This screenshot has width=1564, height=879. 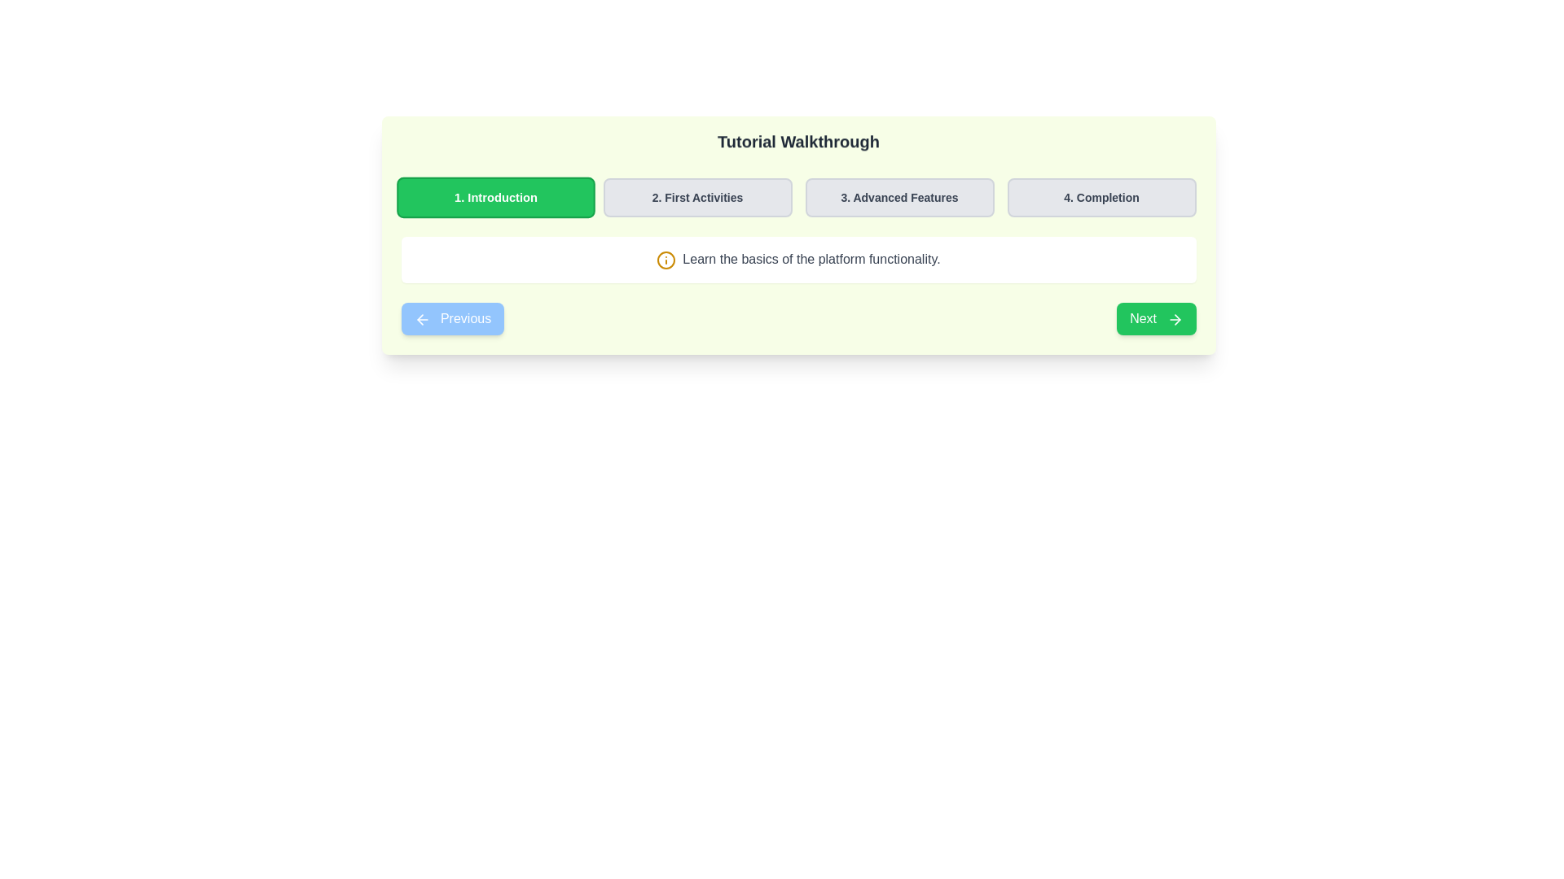 What do you see at coordinates (811, 258) in the screenshot?
I see `the static text element that reads 'Learn the basics of the platform functionality.', which is displayed in a soft gray color within a rounded white box` at bounding box center [811, 258].